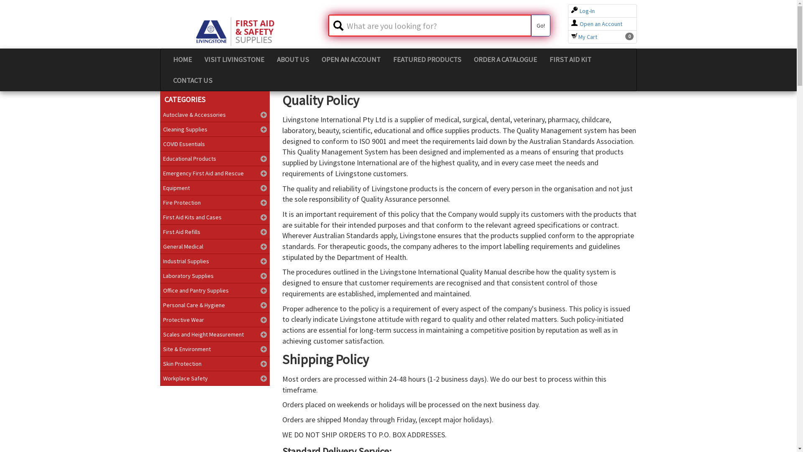 The width and height of the screenshot is (803, 452). Describe the element at coordinates (192, 80) in the screenshot. I see `'CONTACT US'` at that location.